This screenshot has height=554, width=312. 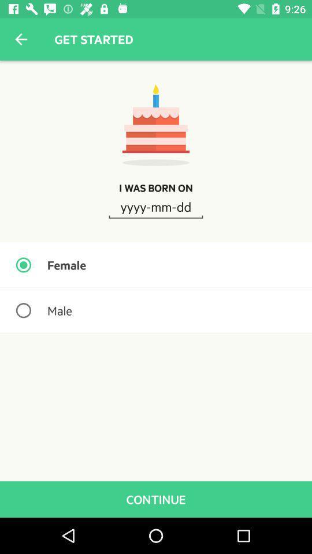 What do you see at coordinates (156, 499) in the screenshot?
I see `the continue icon` at bounding box center [156, 499].